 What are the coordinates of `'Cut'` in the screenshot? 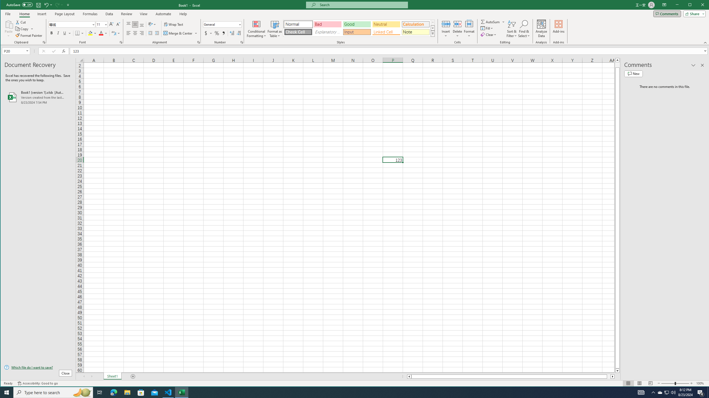 It's located at (20, 22).